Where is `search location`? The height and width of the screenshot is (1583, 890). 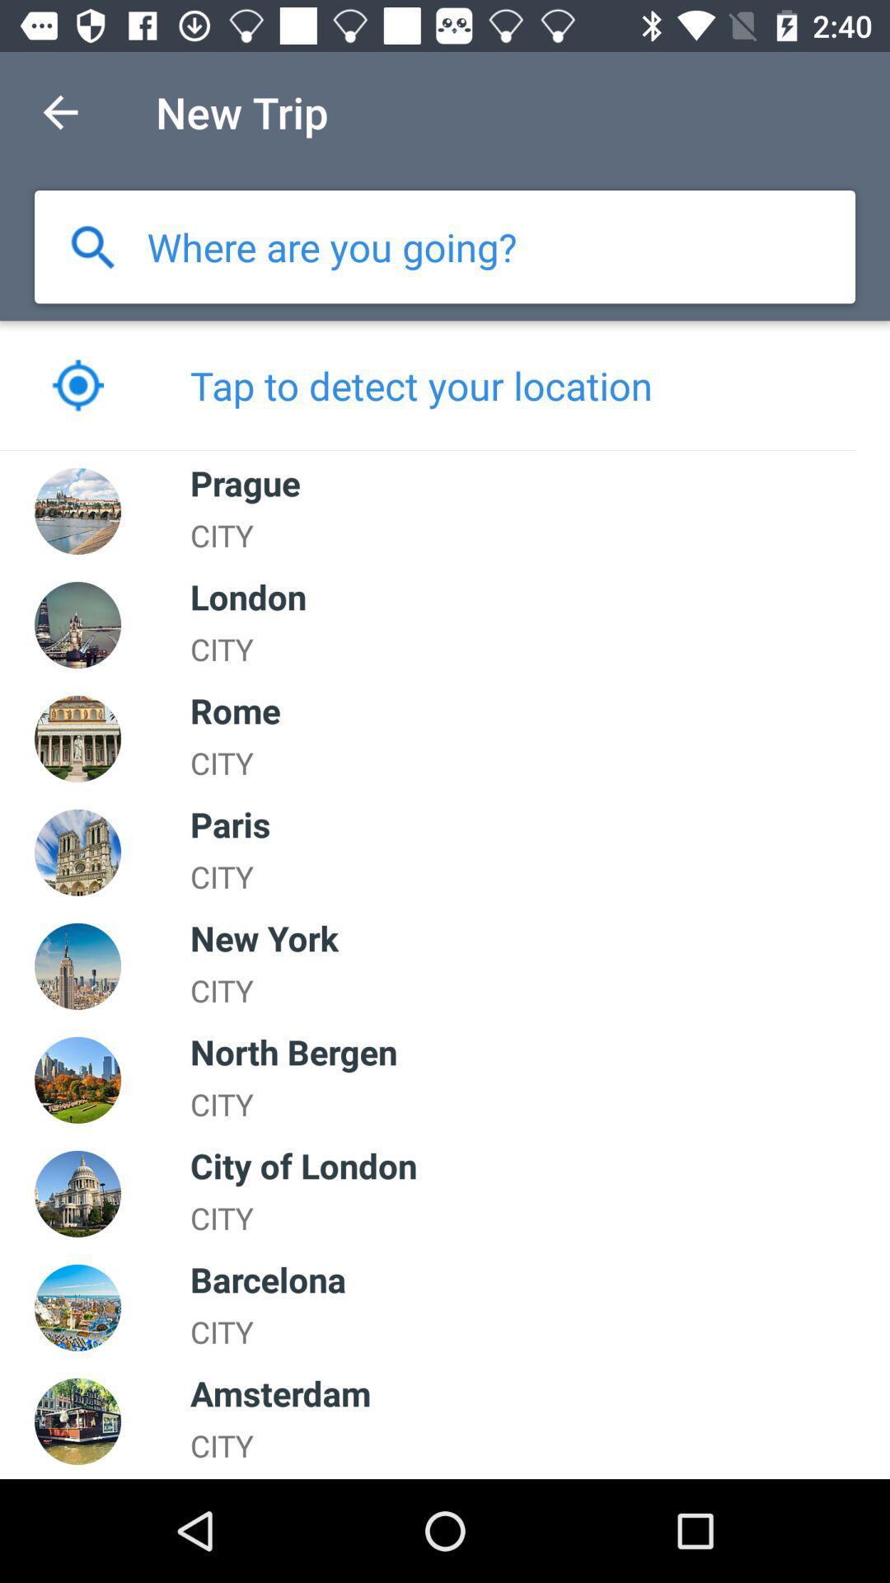 search location is located at coordinates (92, 246).